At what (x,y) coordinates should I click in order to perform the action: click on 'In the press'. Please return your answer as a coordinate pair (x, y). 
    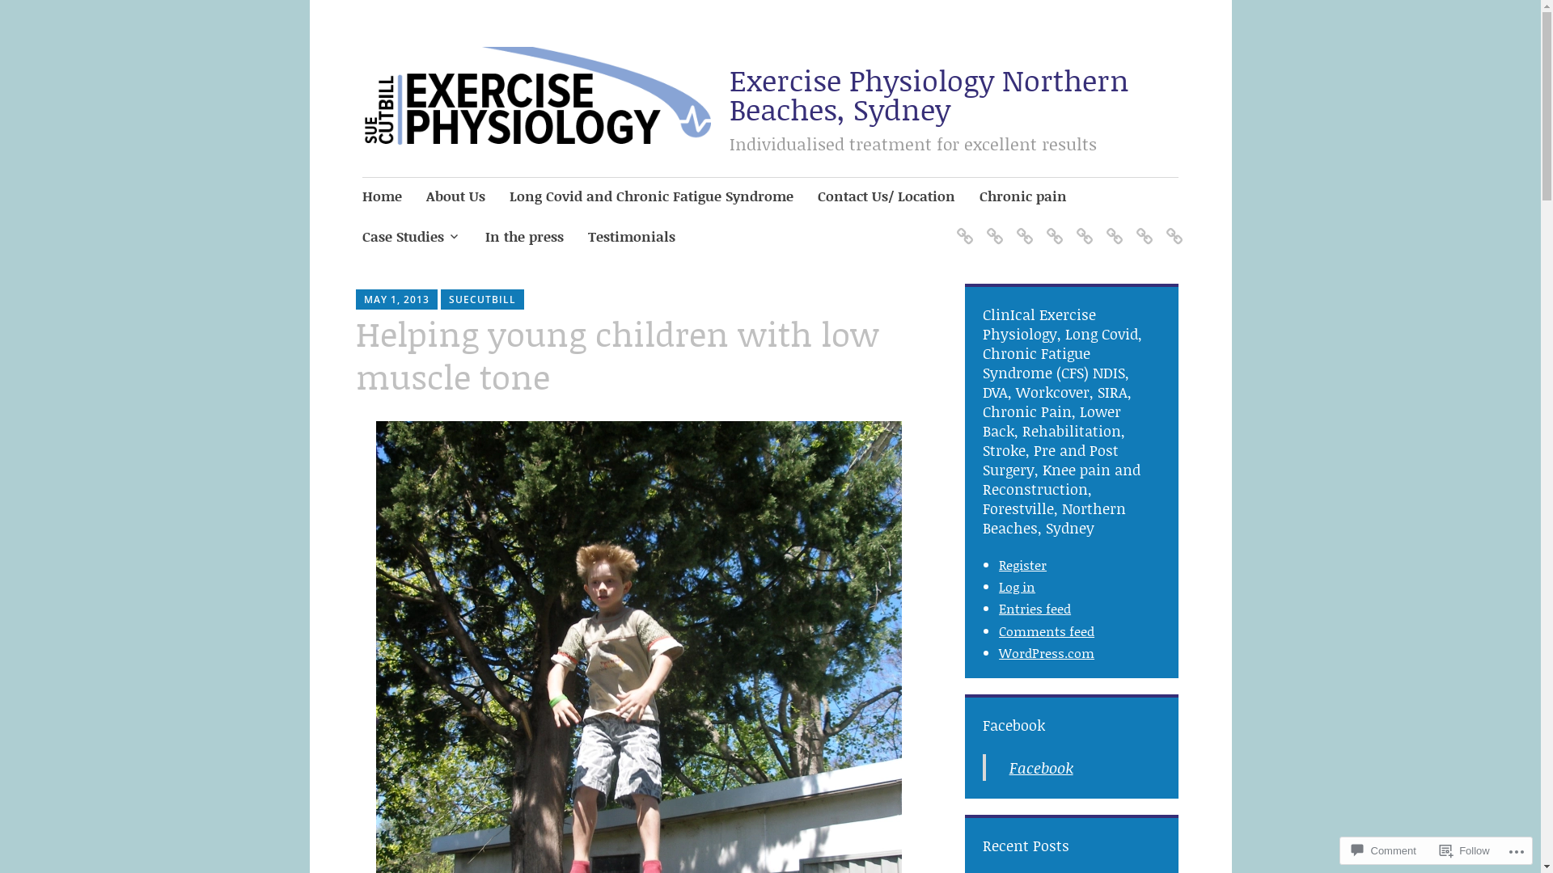
    Looking at the image, I should click on (524, 237).